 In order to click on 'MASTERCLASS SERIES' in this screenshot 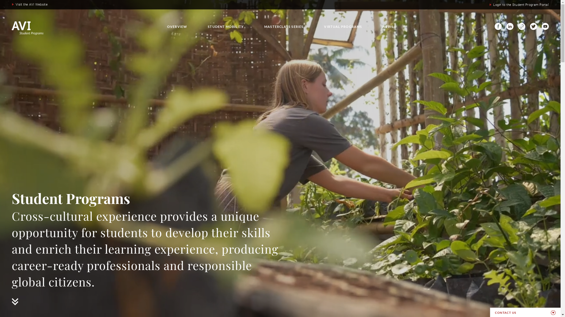, I will do `click(284, 26)`.